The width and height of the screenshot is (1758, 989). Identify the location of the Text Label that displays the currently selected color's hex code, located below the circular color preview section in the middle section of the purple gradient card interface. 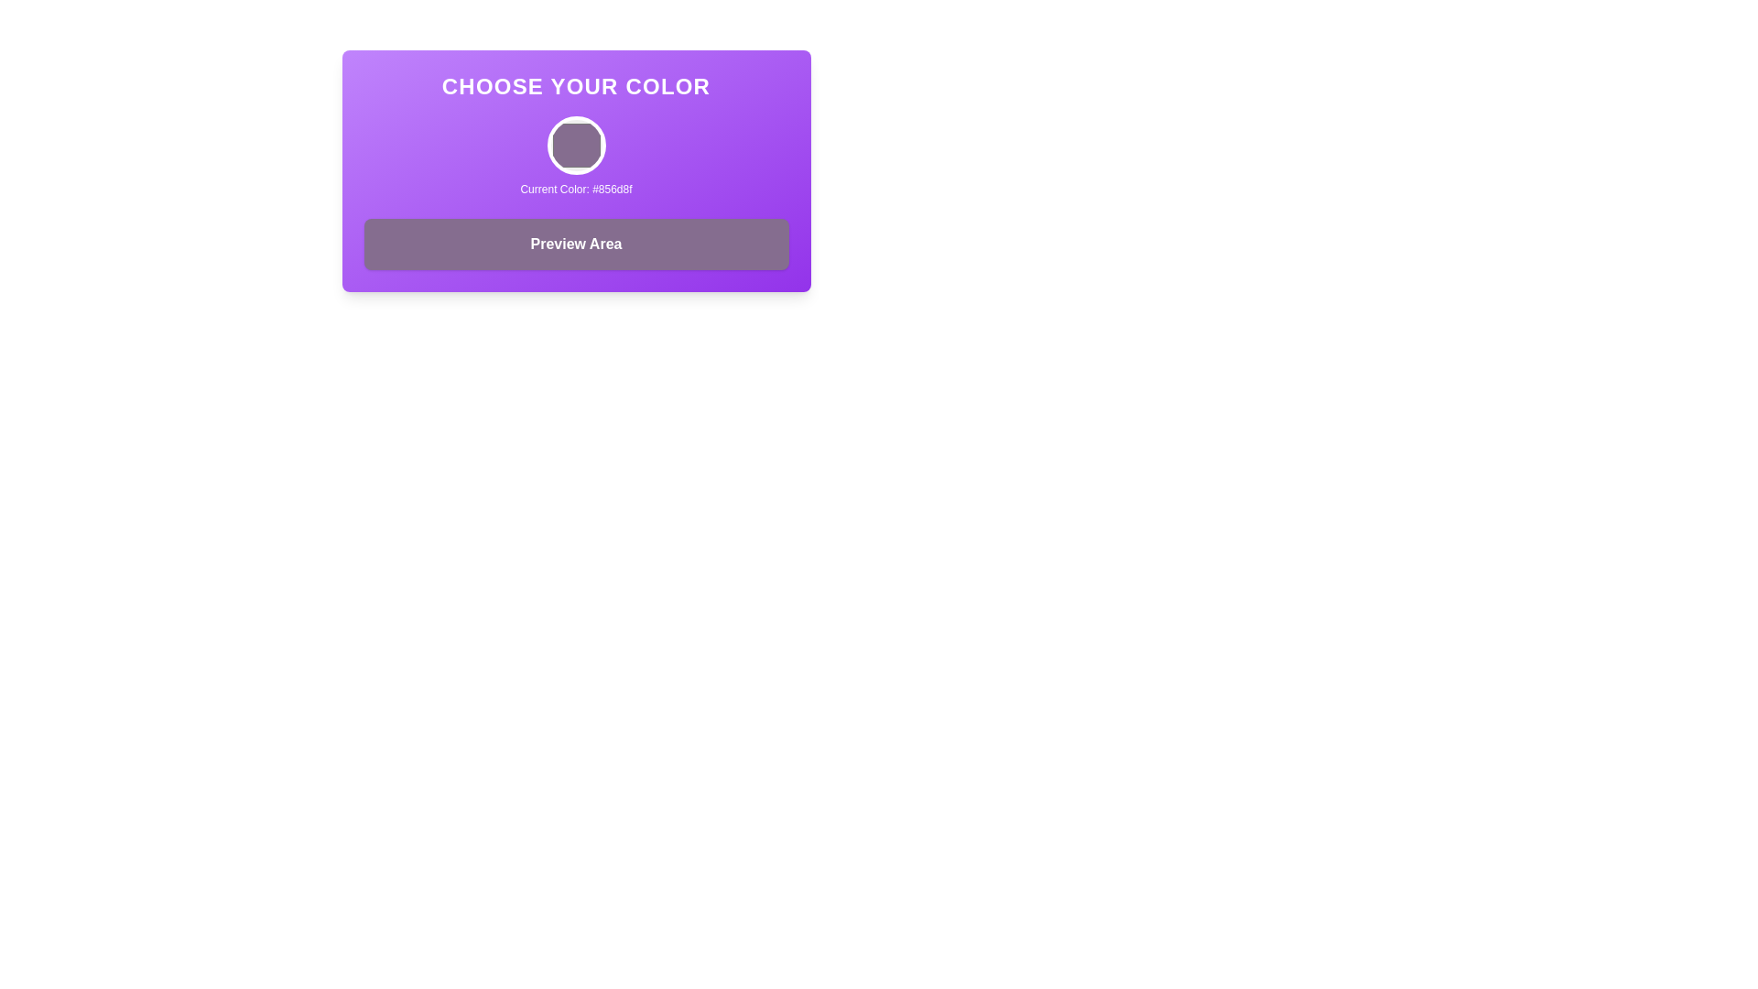
(575, 190).